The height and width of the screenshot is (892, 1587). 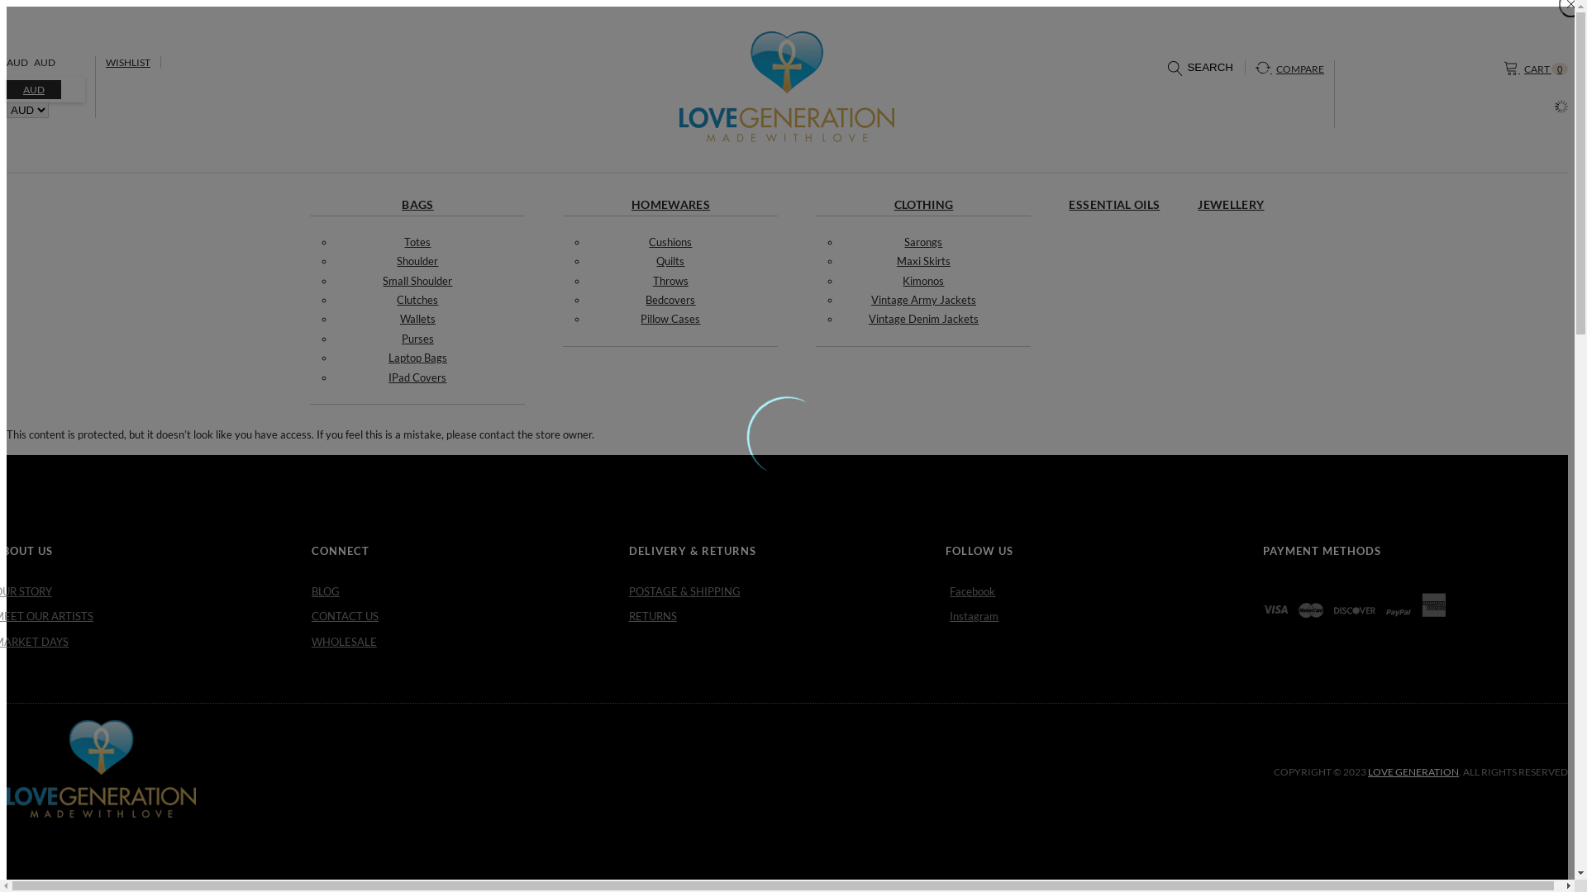 I want to click on 'Wallets', so click(x=417, y=318).